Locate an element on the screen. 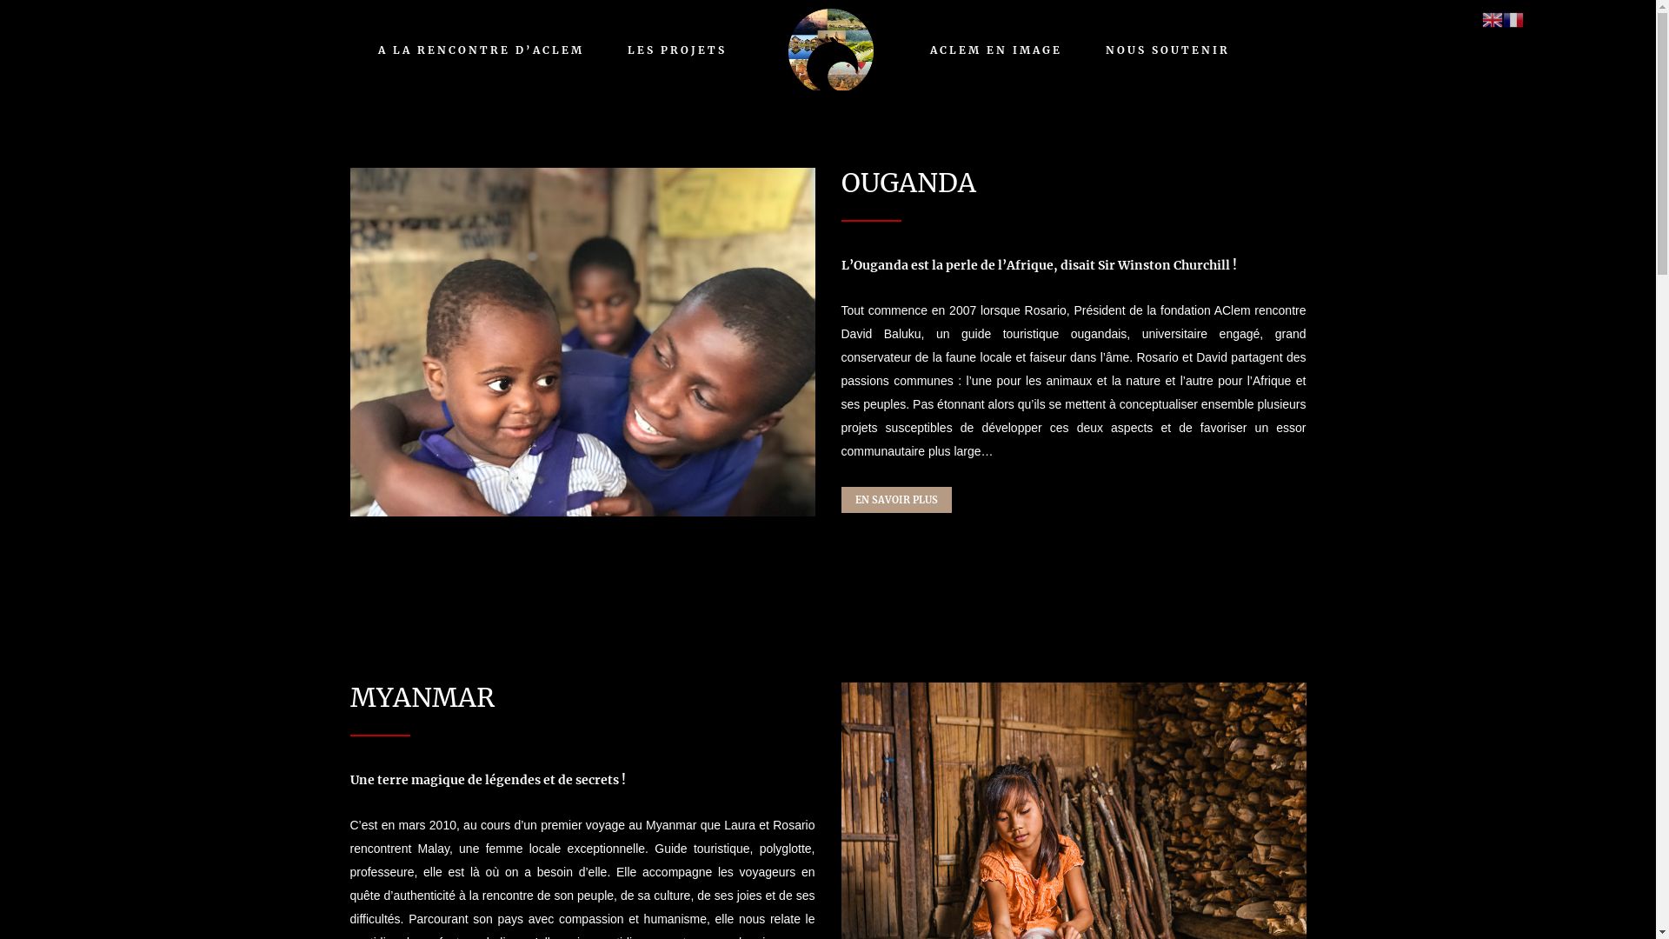 The image size is (1669, 939). 'ACLEM EN IMAGE' is located at coordinates (996, 49).